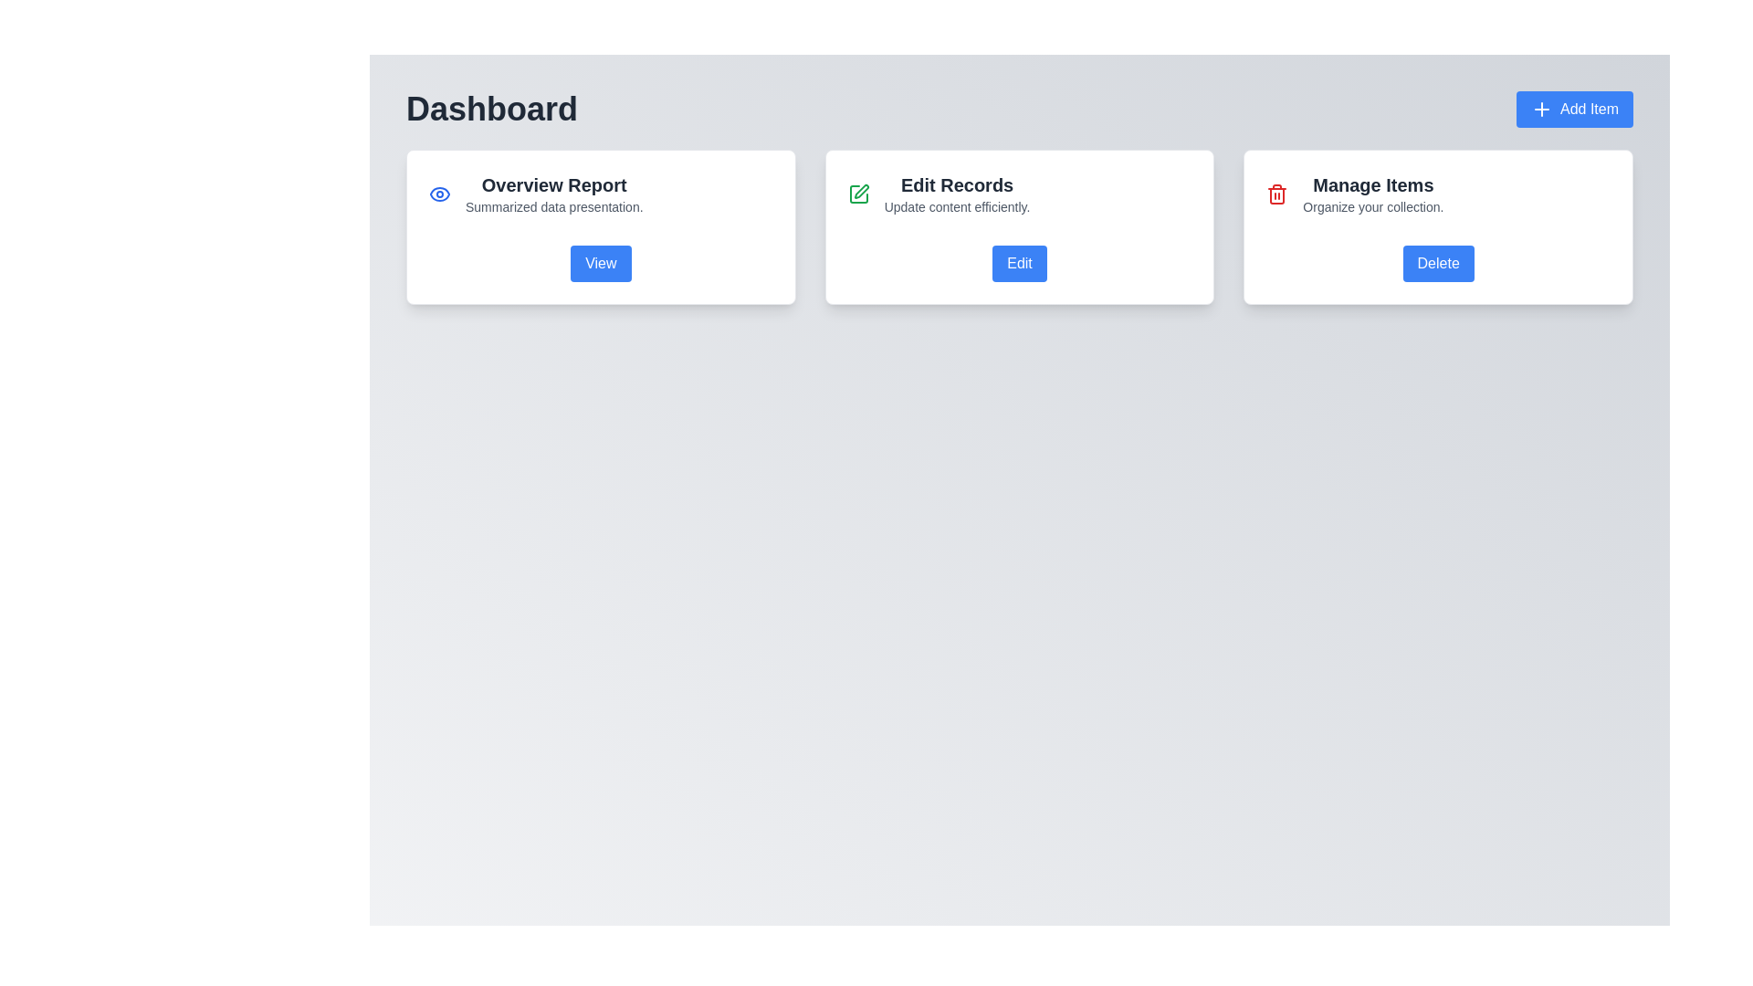  Describe the element at coordinates (601, 226) in the screenshot. I see `contents of the Overview Report card, which is the first card in the grid layout and includes a 'View' button` at that location.